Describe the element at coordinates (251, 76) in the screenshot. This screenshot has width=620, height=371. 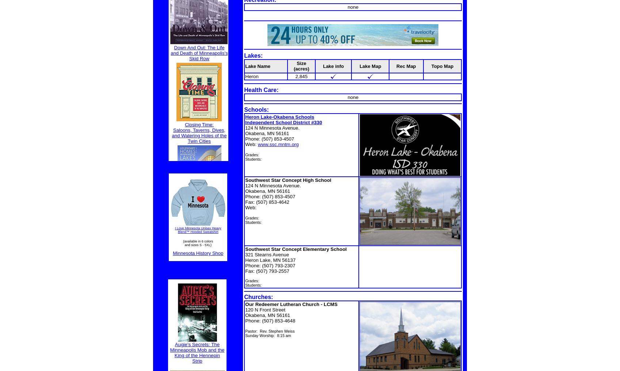
I see `'Heron'` at that location.